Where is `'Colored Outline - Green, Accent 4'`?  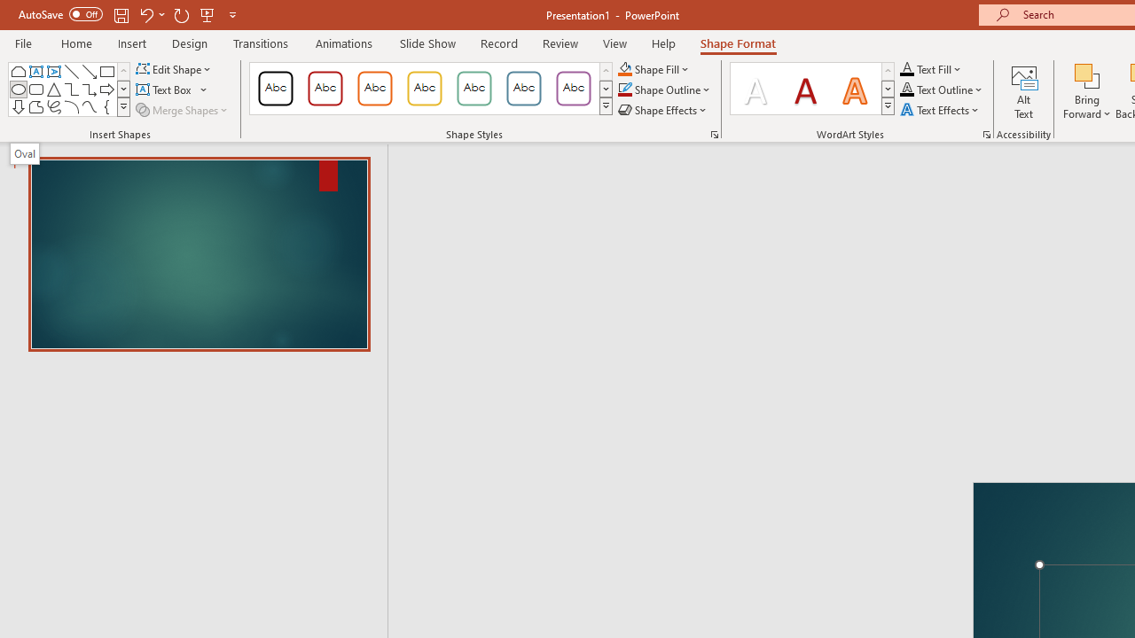
'Colored Outline - Green, Accent 4' is located at coordinates (474, 89).